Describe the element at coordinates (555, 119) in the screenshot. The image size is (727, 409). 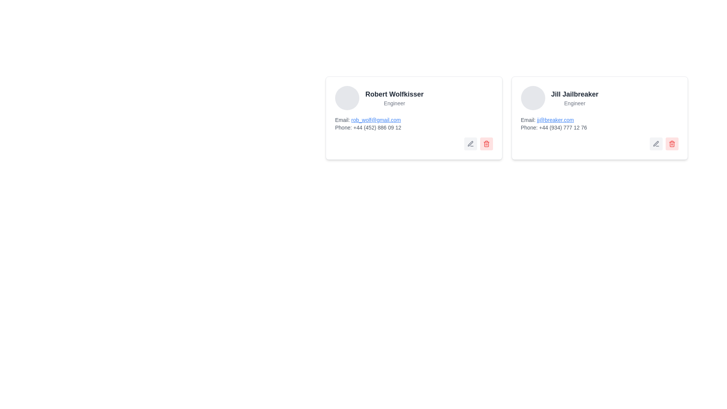
I see `the clickable email address hyperlink styled in blue with an underline, located under the label 'Email:' in the card for 'Jill Jailbreaker, Engineer'` at that location.